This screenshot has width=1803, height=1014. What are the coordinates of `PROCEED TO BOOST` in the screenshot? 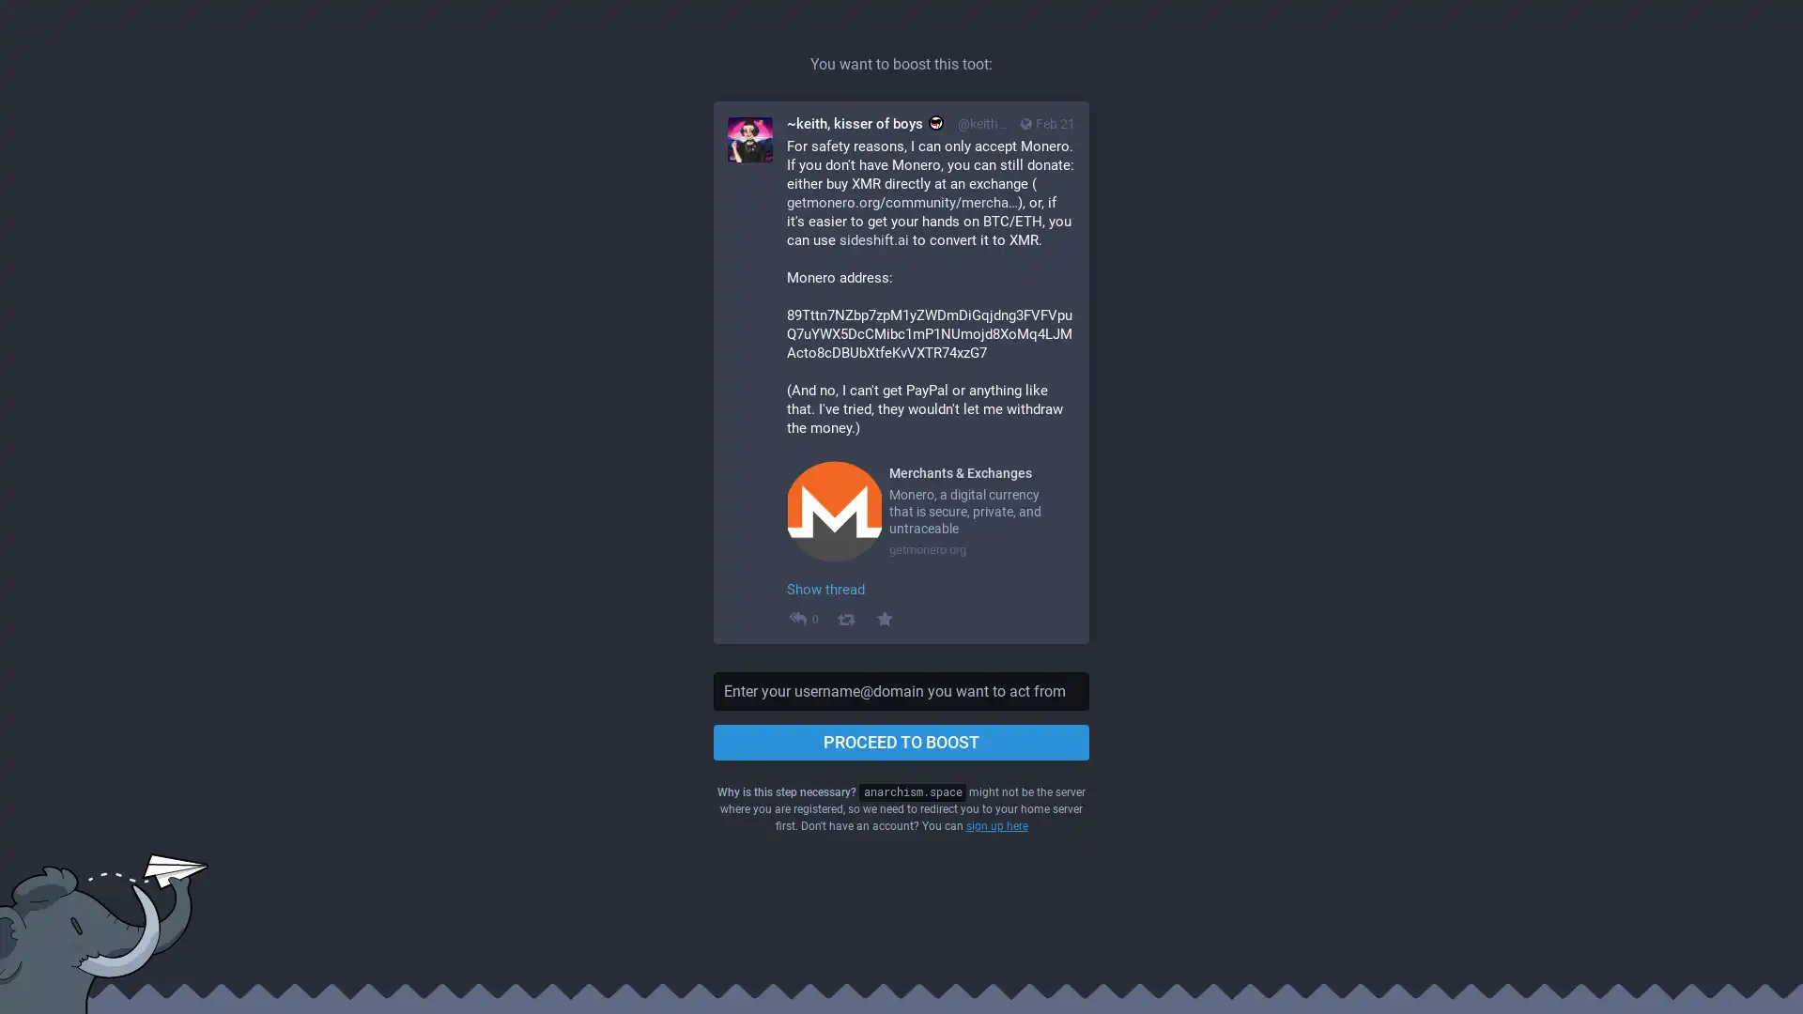 It's located at (901, 741).